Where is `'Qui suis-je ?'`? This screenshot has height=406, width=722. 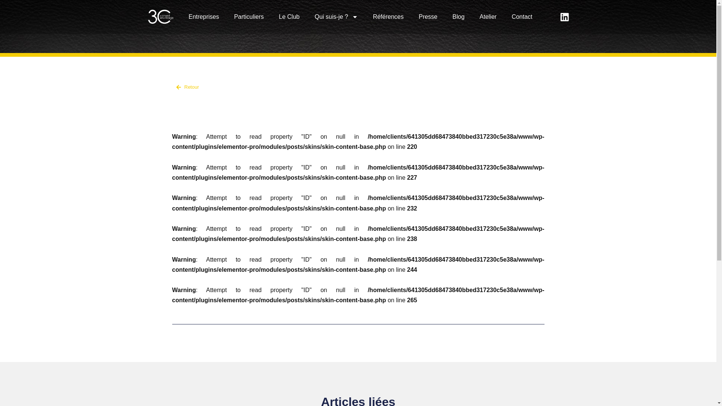 'Qui suis-je ?' is located at coordinates (336, 17).